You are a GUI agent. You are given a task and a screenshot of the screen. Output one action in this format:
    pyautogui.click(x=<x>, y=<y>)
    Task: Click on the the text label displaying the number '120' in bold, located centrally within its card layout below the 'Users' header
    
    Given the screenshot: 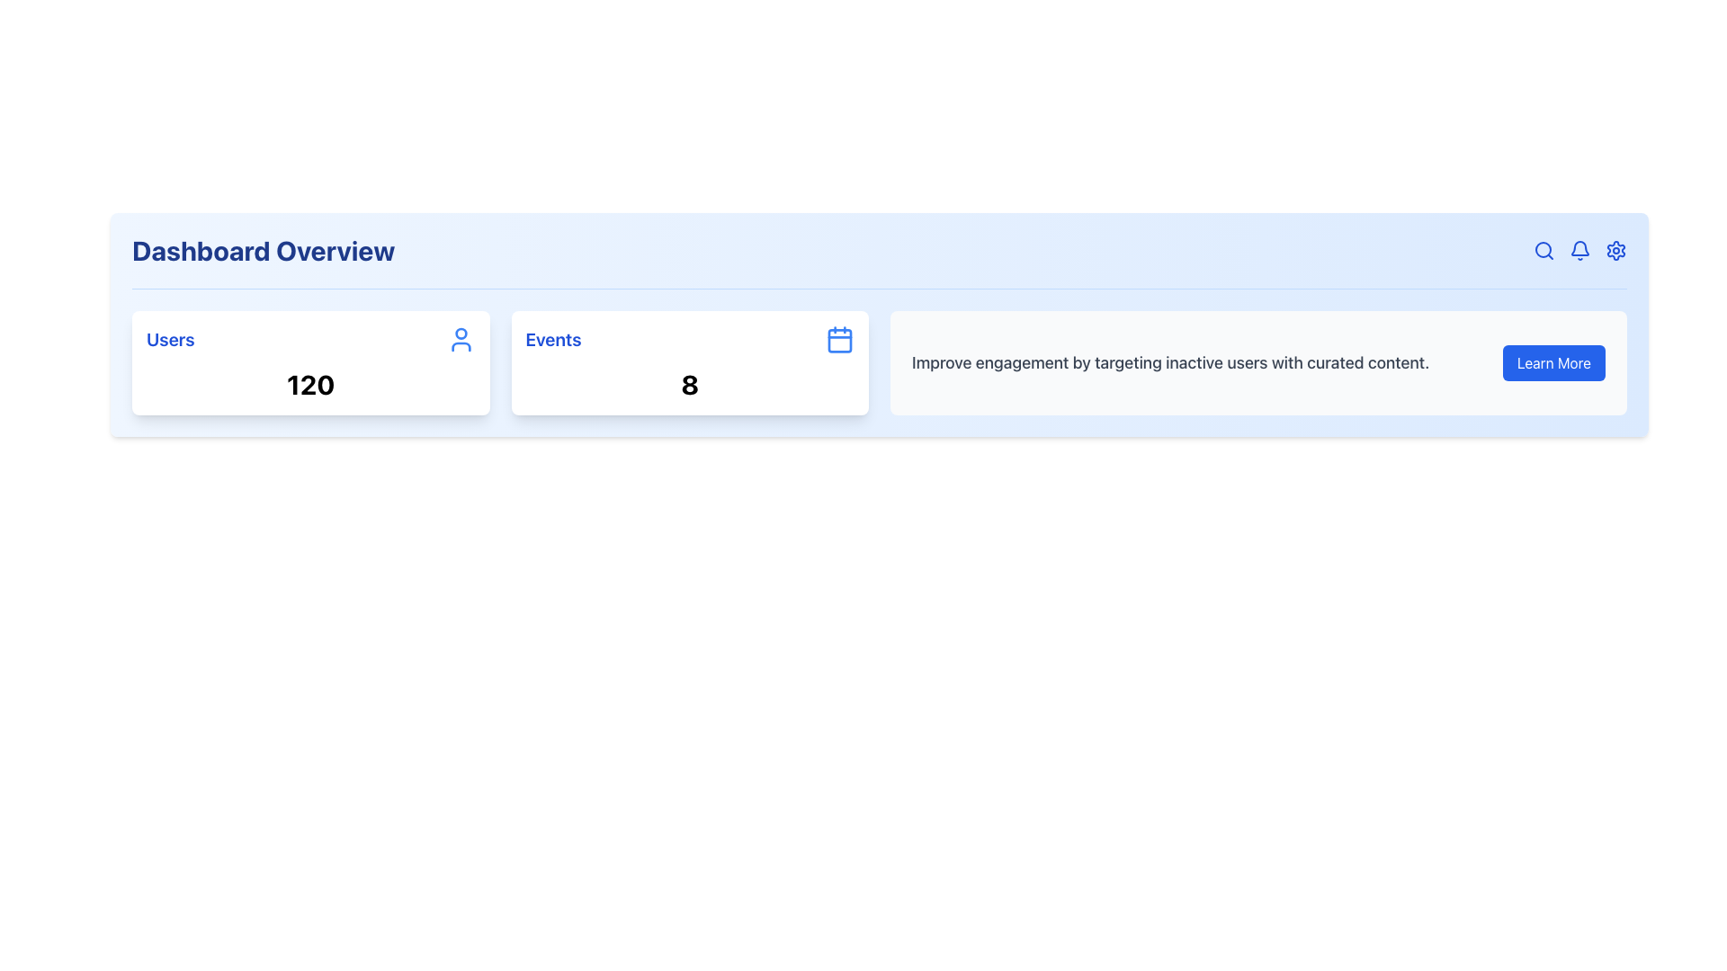 What is the action you would take?
    pyautogui.click(x=310, y=384)
    